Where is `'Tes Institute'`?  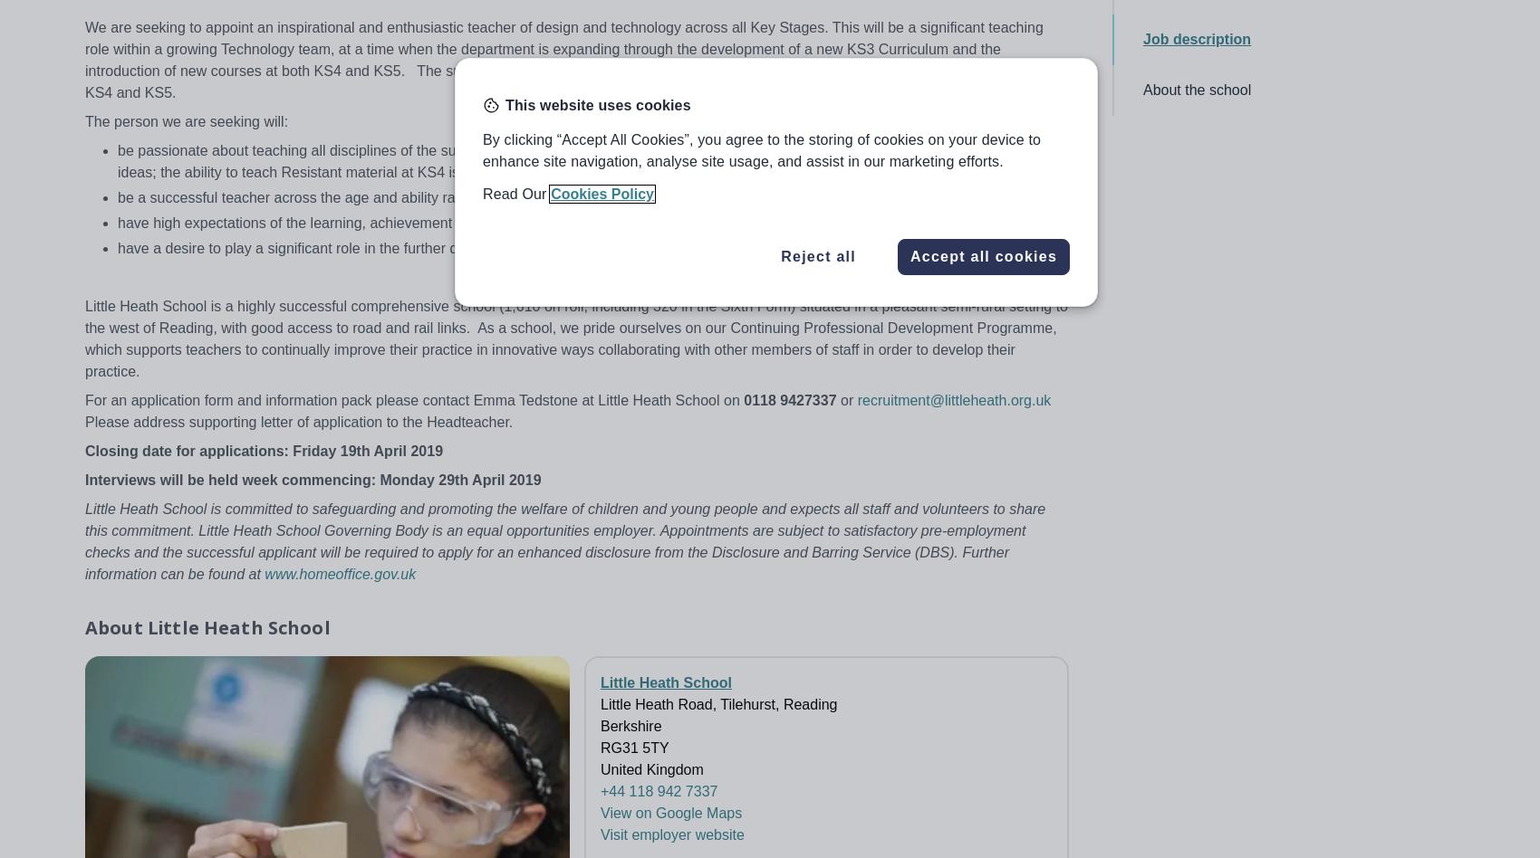 'Tes Institute' is located at coordinates (1311, 634).